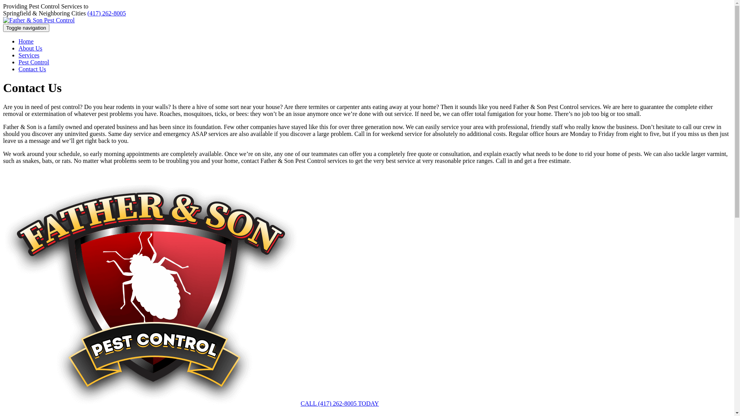  Describe the element at coordinates (26, 41) in the screenshot. I see `'Home'` at that location.